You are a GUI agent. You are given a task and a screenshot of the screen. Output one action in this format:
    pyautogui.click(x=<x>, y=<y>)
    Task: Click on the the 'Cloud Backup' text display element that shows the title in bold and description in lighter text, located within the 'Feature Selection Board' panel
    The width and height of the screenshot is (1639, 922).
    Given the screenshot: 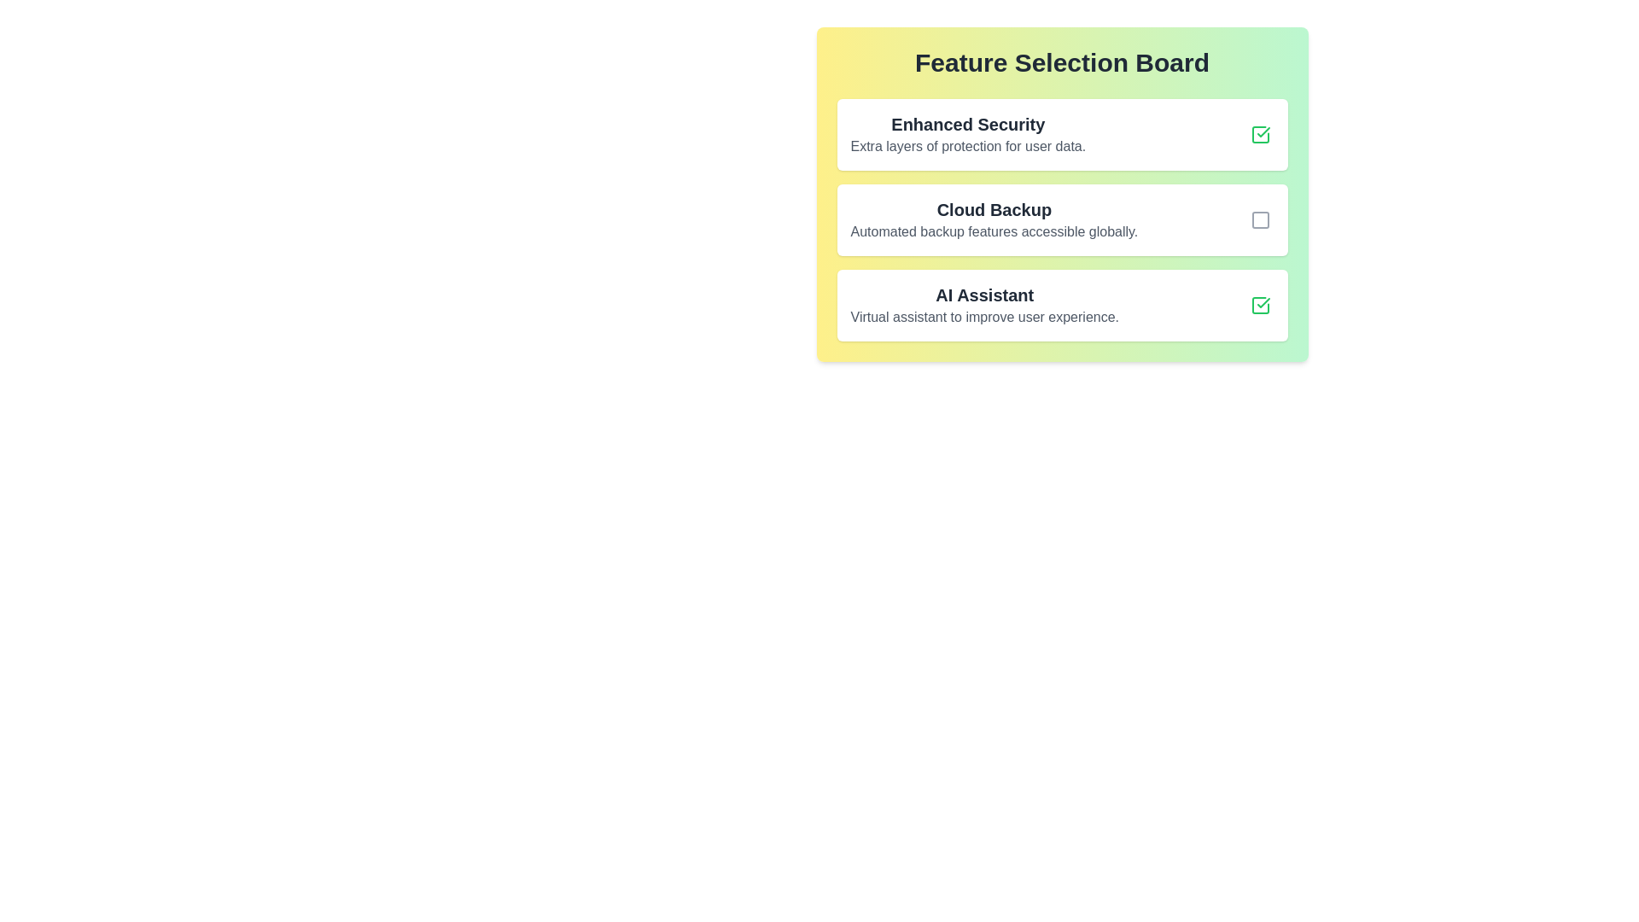 What is the action you would take?
    pyautogui.click(x=994, y=219)
    